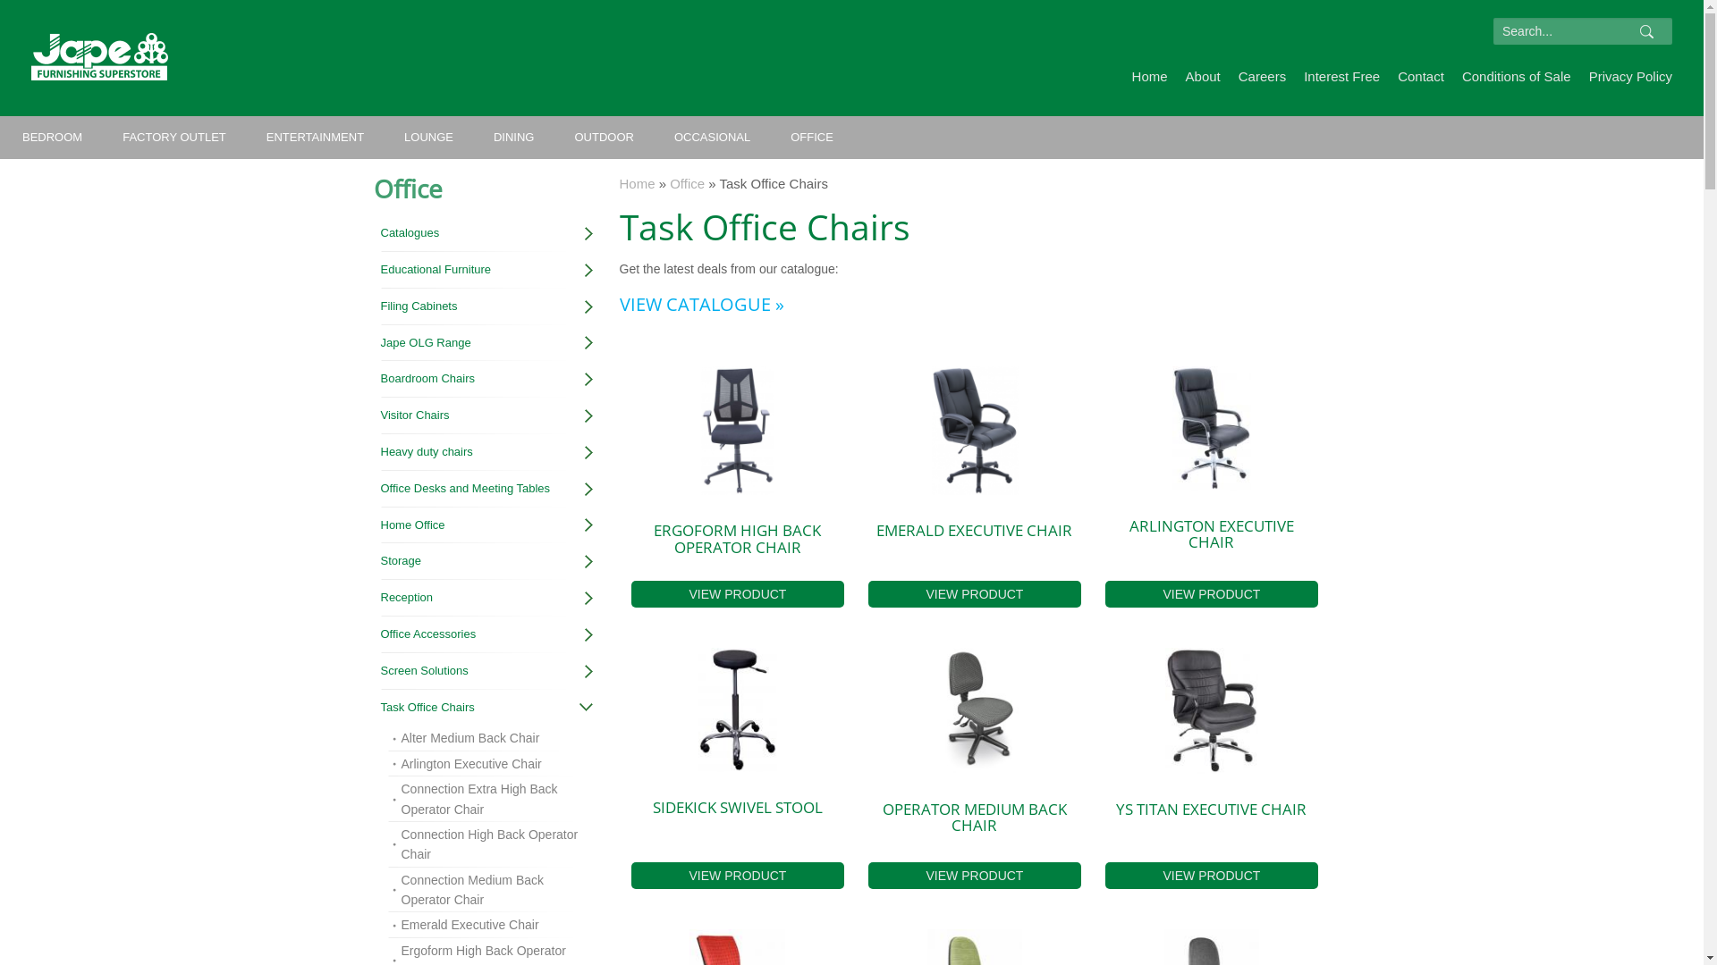 This screenshot has width=1717, height=965. I want to click on 'Office Accessories', so click(486, 634).